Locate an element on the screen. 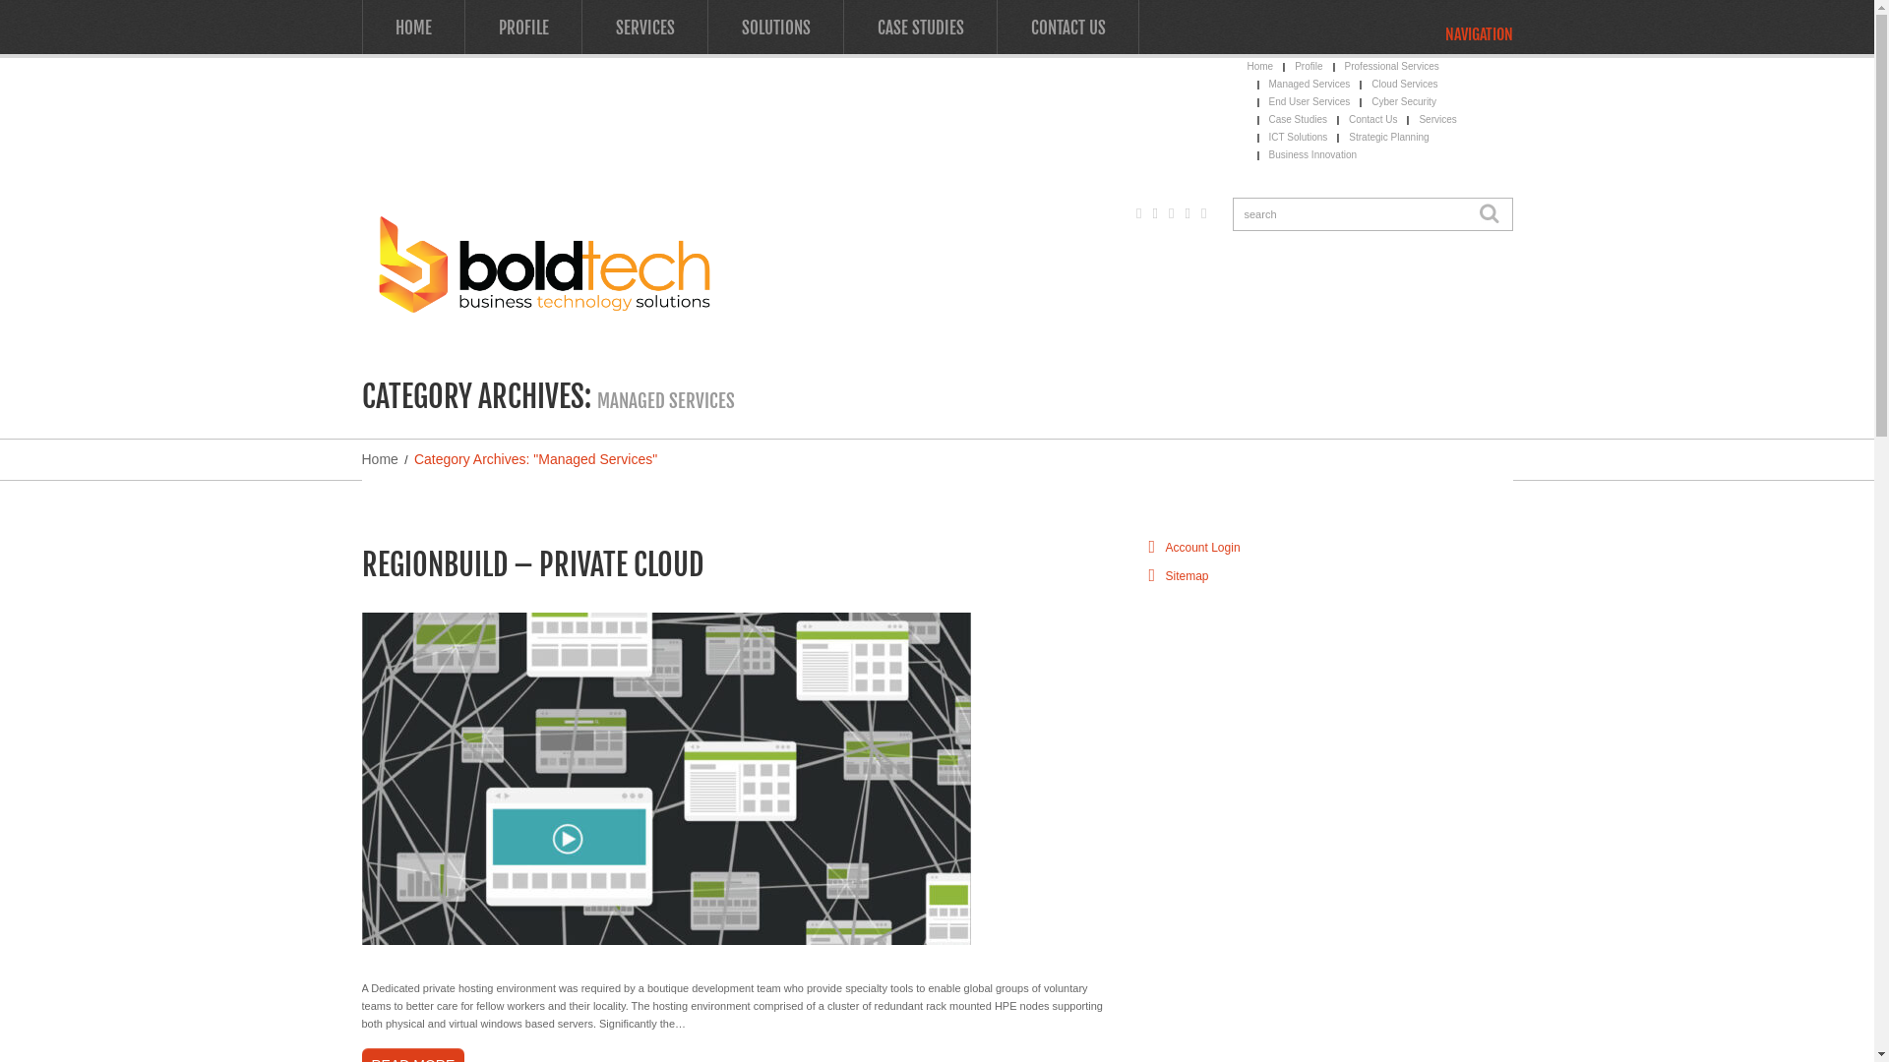 The height and width of the screenshot is (1062, 1889). 'SERVICES' is located at coordinates (644, 27).